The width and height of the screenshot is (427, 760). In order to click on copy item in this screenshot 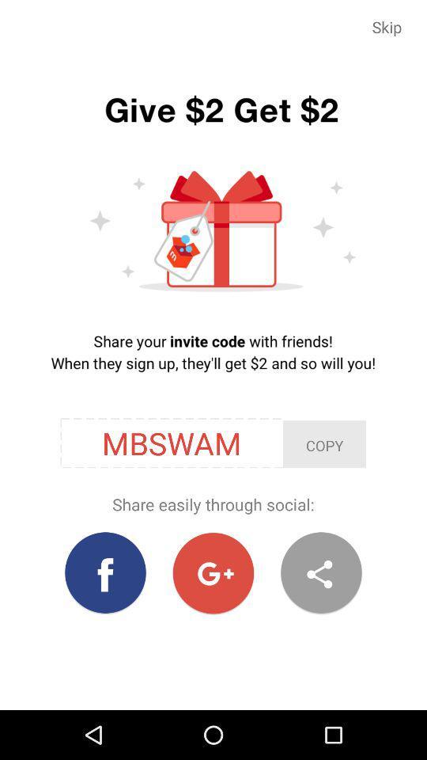, I will do `click(323, 444)`.